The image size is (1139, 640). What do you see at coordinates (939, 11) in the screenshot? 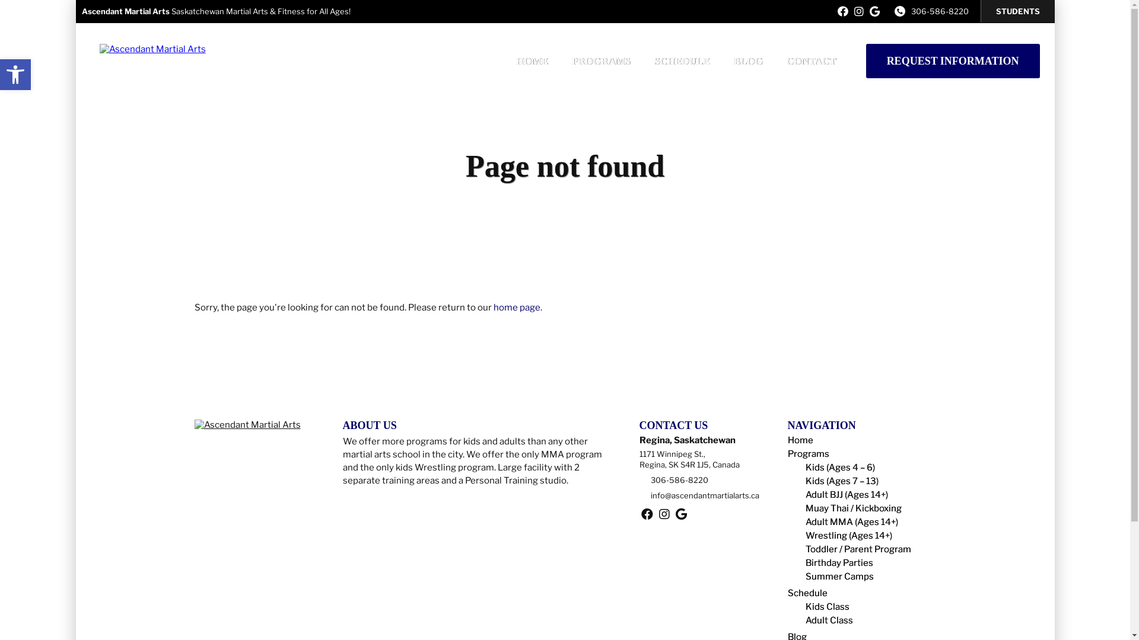
I see `'306-586-8220'` at bounding box center [939, 11].